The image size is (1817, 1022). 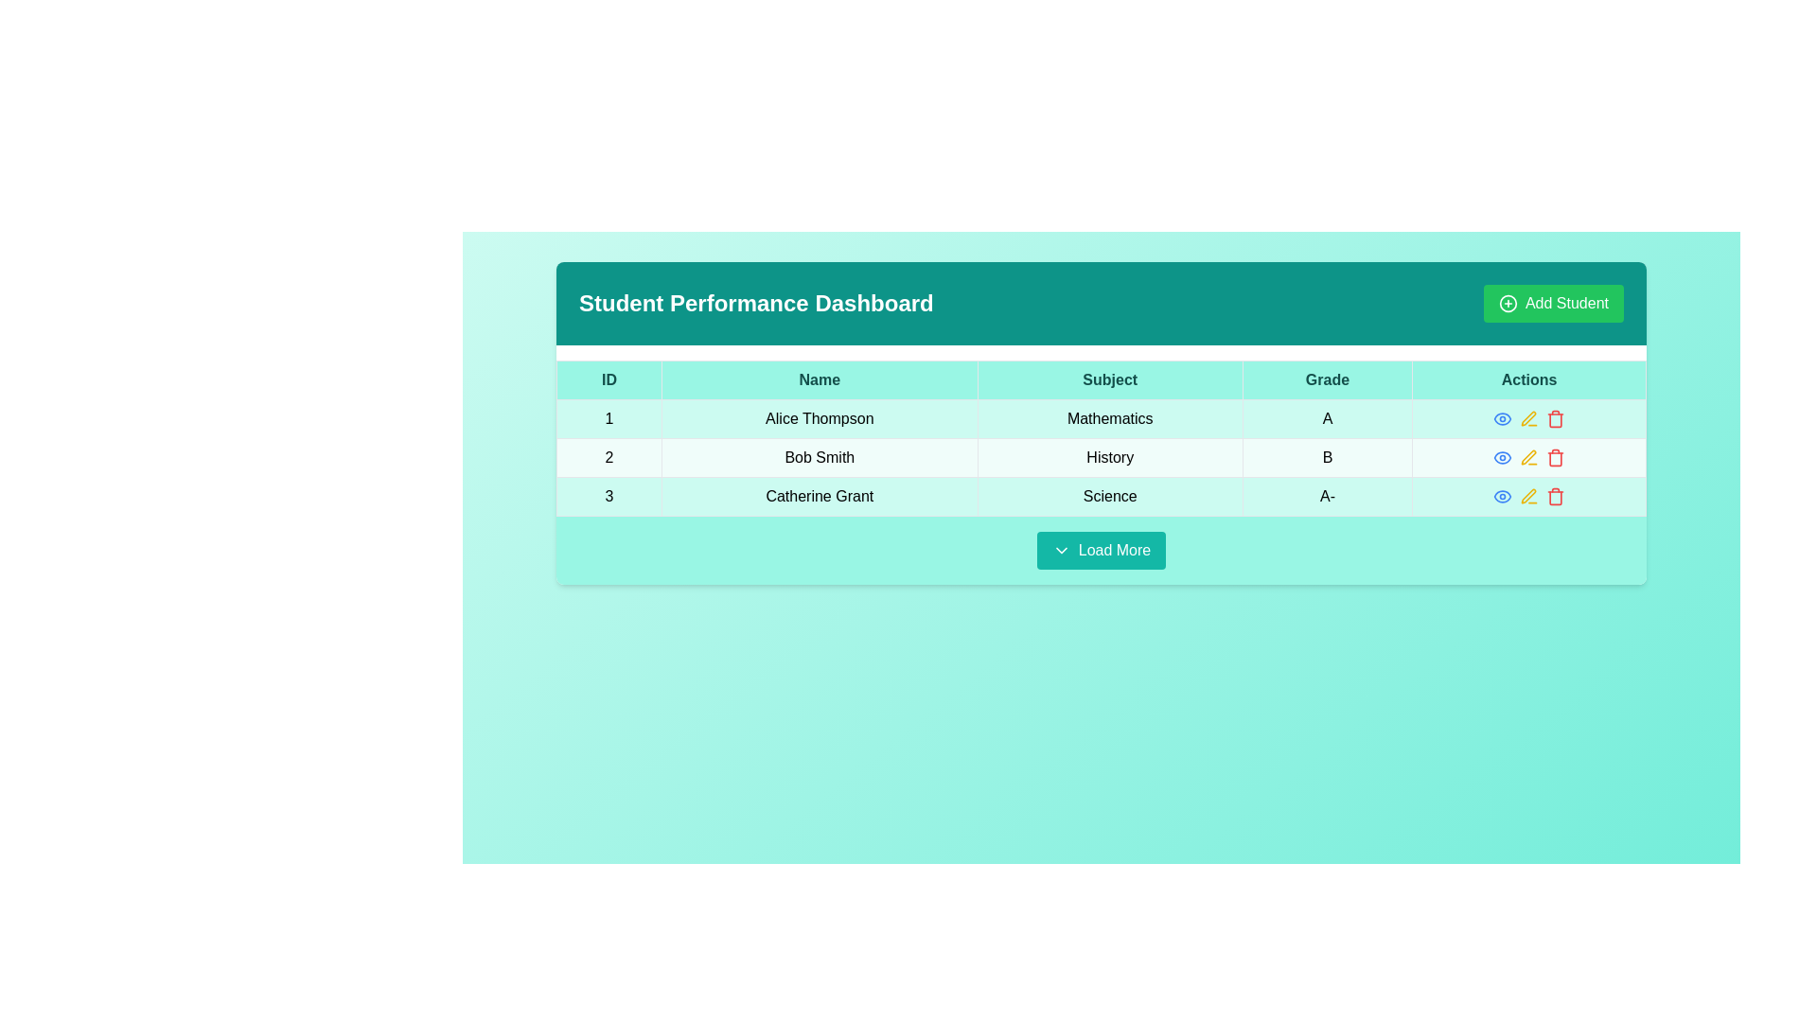 What do you see at coordinates (1556, 457) in the screenshot?
I see `the red trash can icon in the 'Actions' column for 'Bob Smith'` at bounding box center [1556, 457].